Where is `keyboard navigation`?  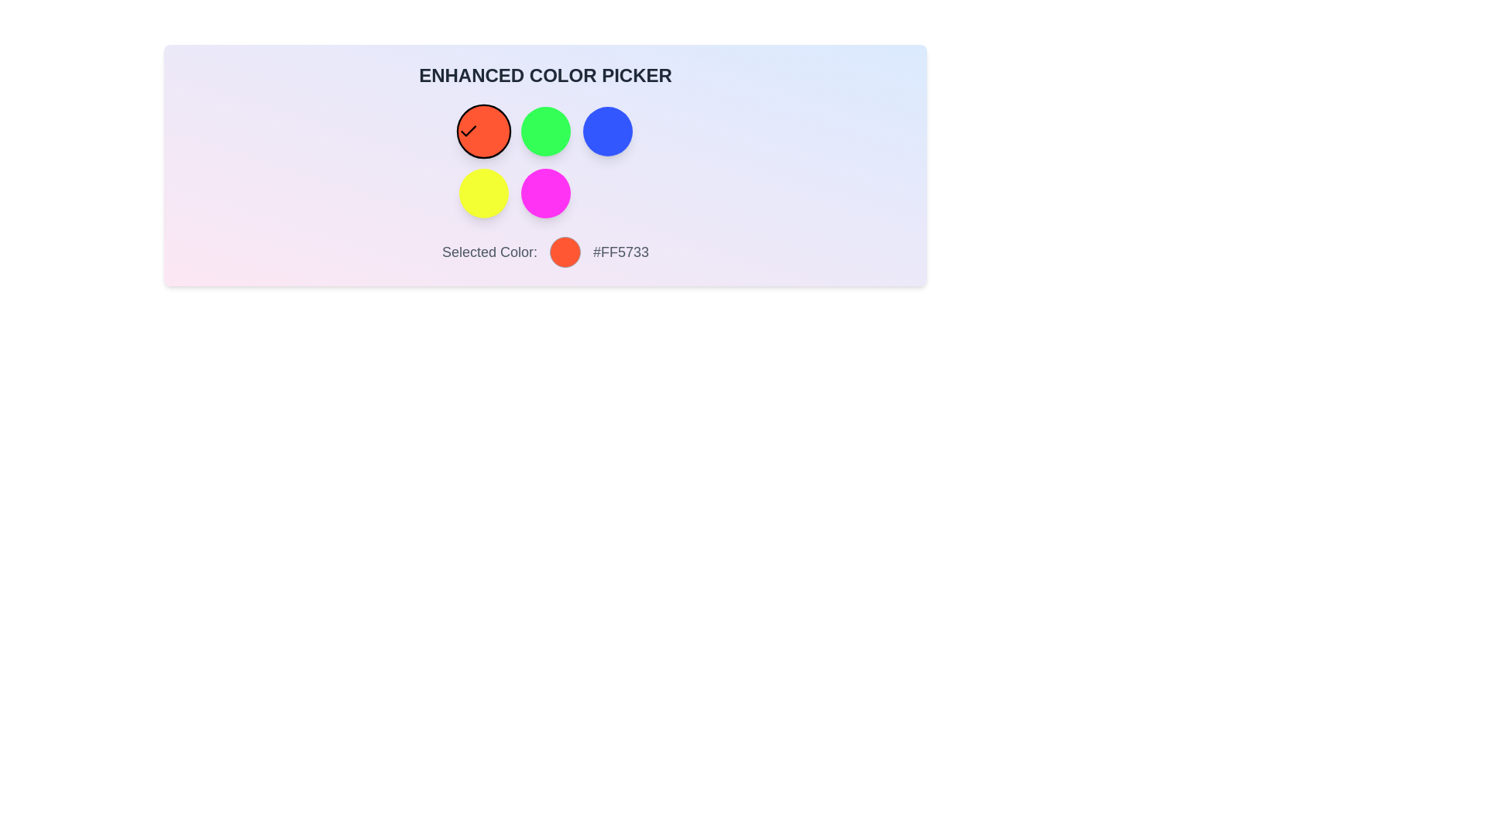
keyboard navigation is located at coordinates (545, 130).